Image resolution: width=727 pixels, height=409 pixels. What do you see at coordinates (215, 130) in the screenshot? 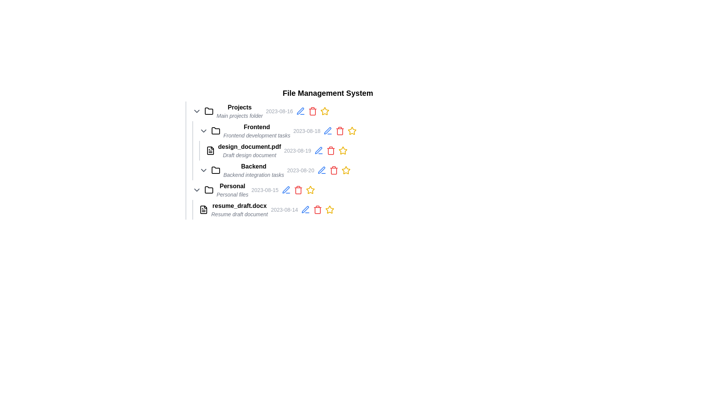
I see `the folder icon representing 'Frontend' in the file manager interface` at bounding box center [215, 130].